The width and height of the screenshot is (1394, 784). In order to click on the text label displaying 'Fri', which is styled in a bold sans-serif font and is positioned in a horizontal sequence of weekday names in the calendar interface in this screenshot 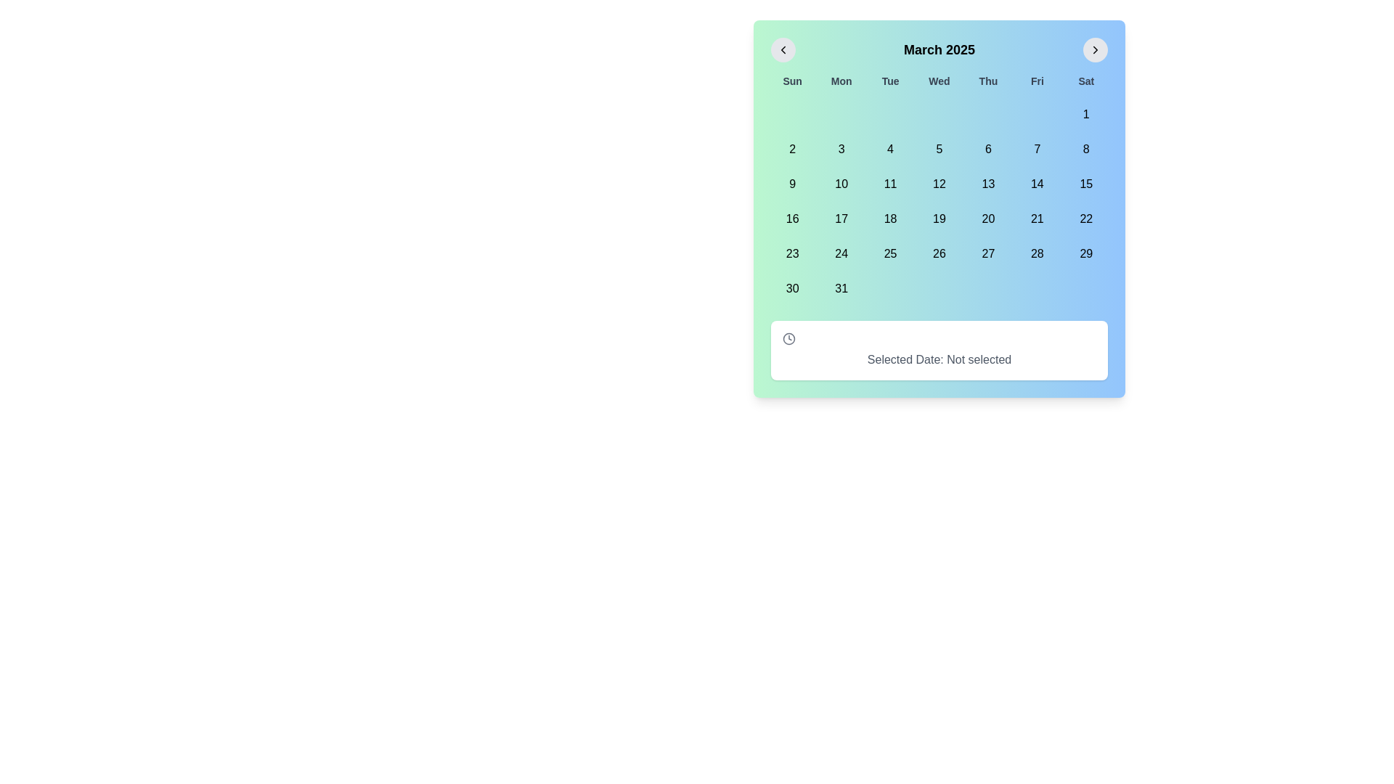, I will do `click(1036, 81)`.